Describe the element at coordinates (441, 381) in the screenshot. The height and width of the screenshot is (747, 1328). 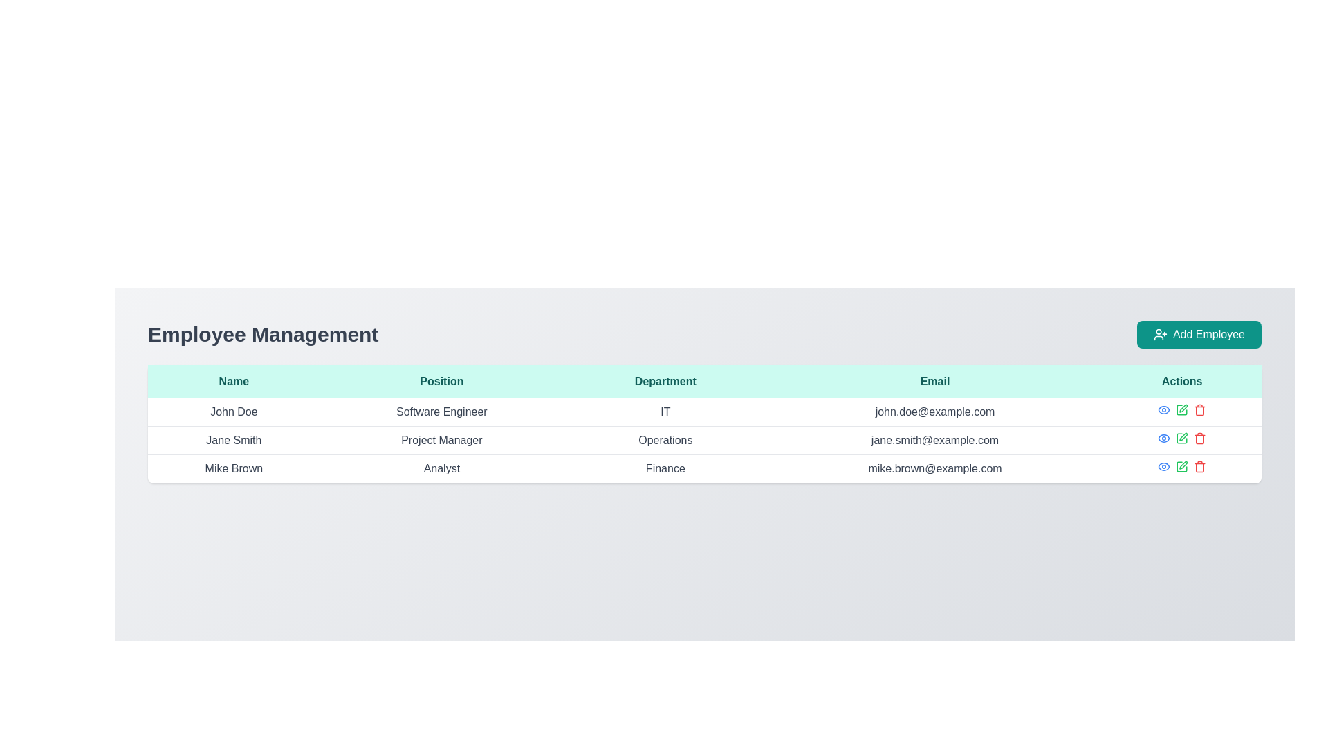
I see `the 'Position' column header text label in the table, which is located in the center of the header row, between 'Name' and 'Department'` at that location.